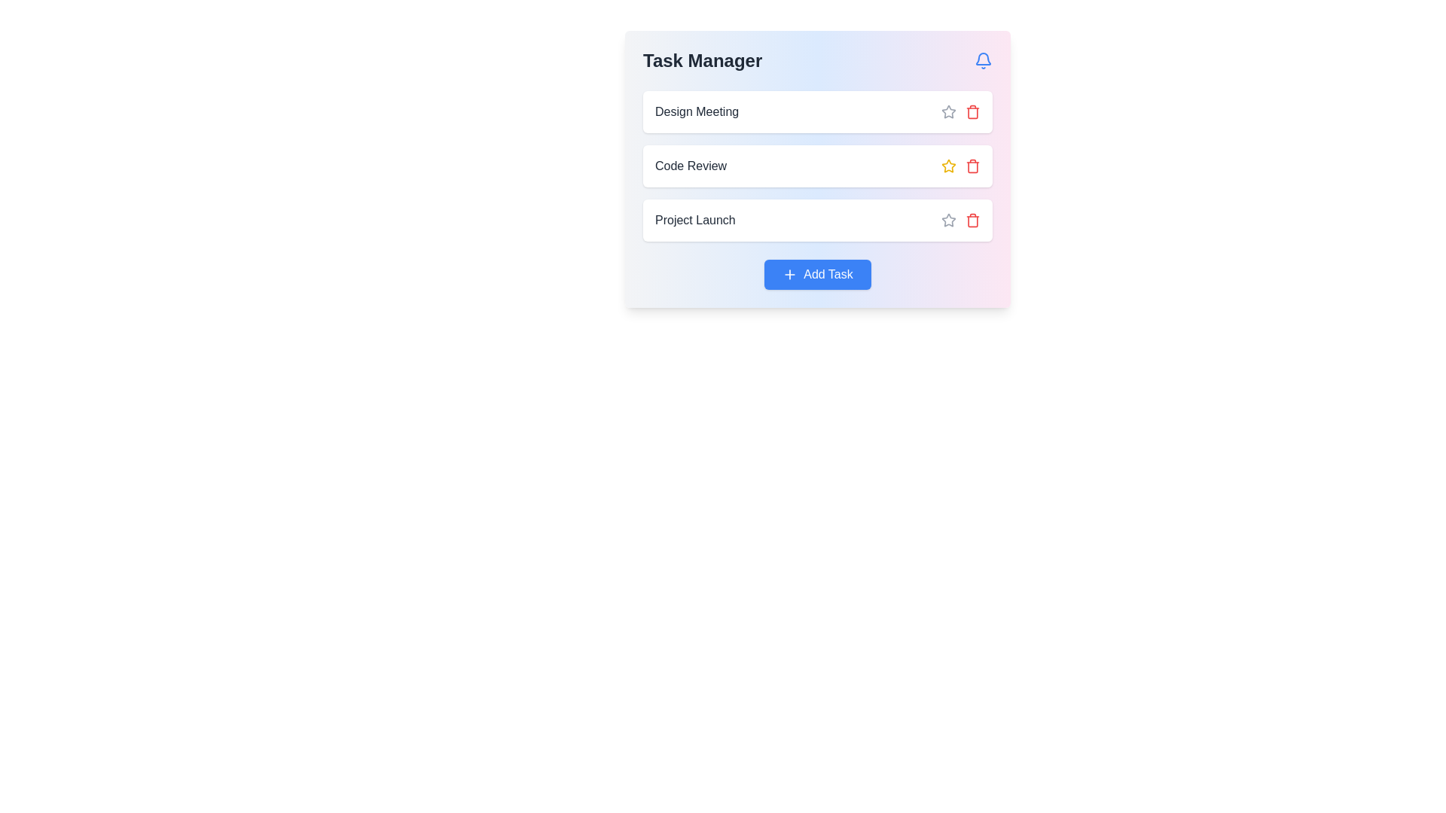 The width and height of the screenshot is (1446, 813). Describe the element at coordinates (972, 111) in the screenshot. I see `the delete button located to the right of the 'Design Meeting' text label` at that location.